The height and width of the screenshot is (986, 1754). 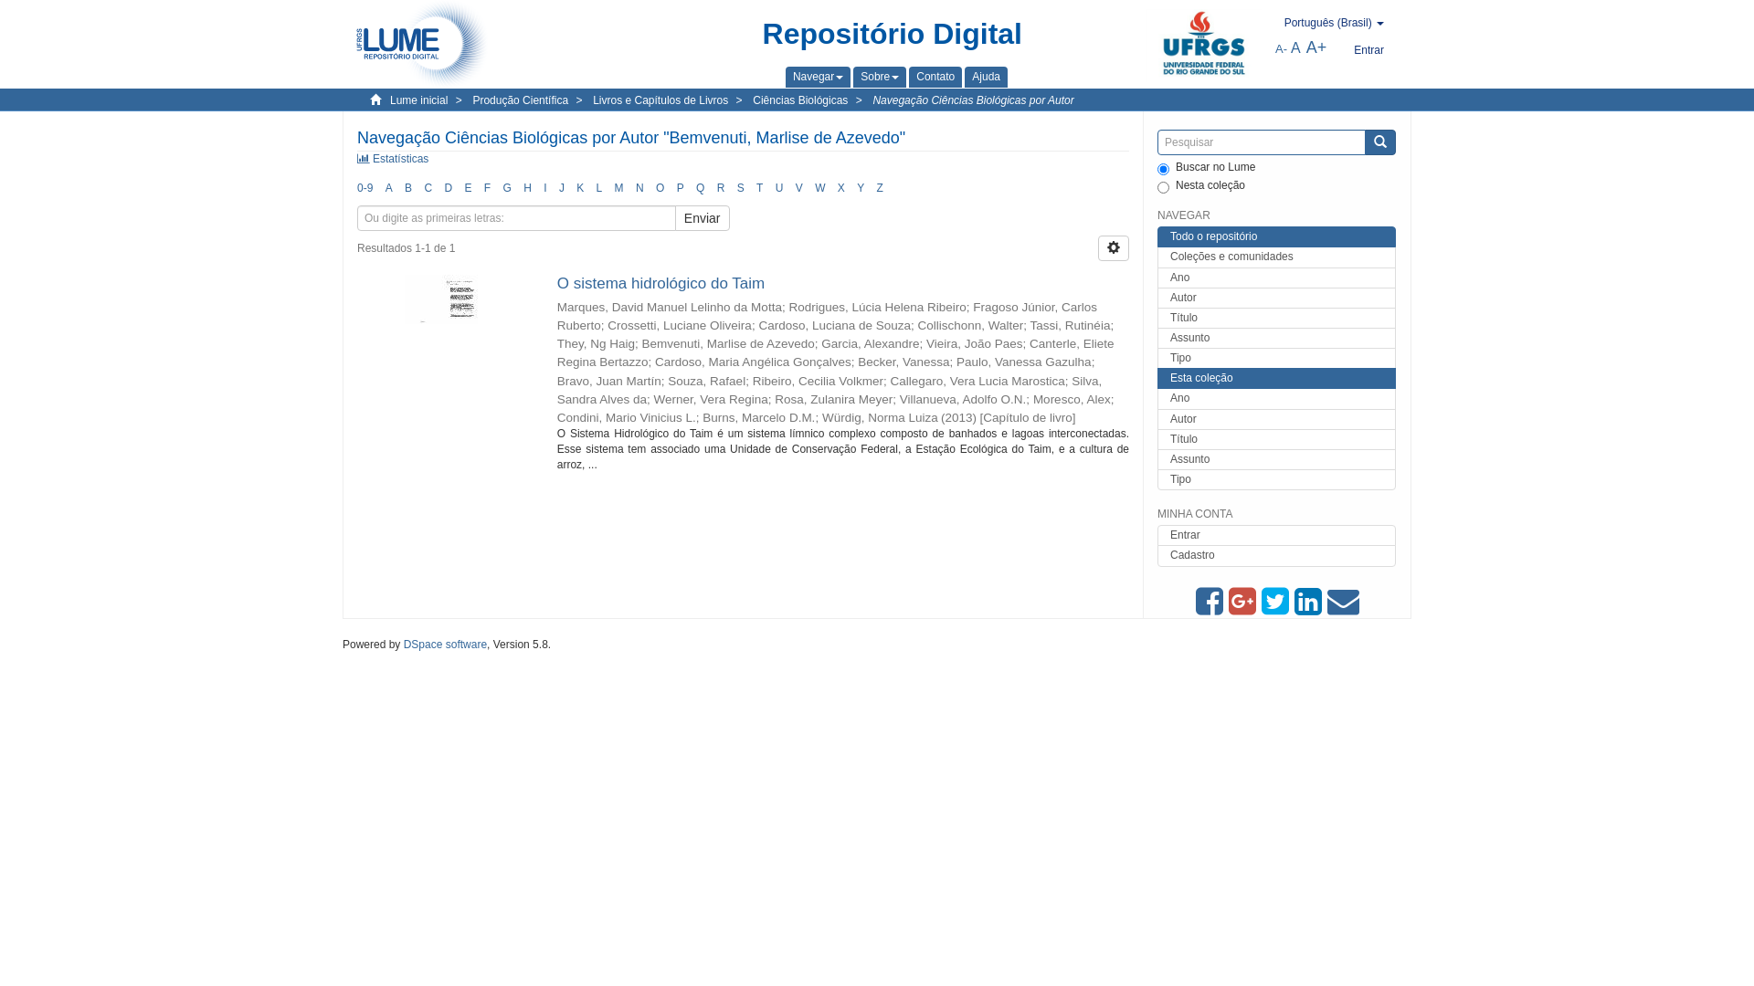 I want to click on 'B', so click(x=407, y=187).